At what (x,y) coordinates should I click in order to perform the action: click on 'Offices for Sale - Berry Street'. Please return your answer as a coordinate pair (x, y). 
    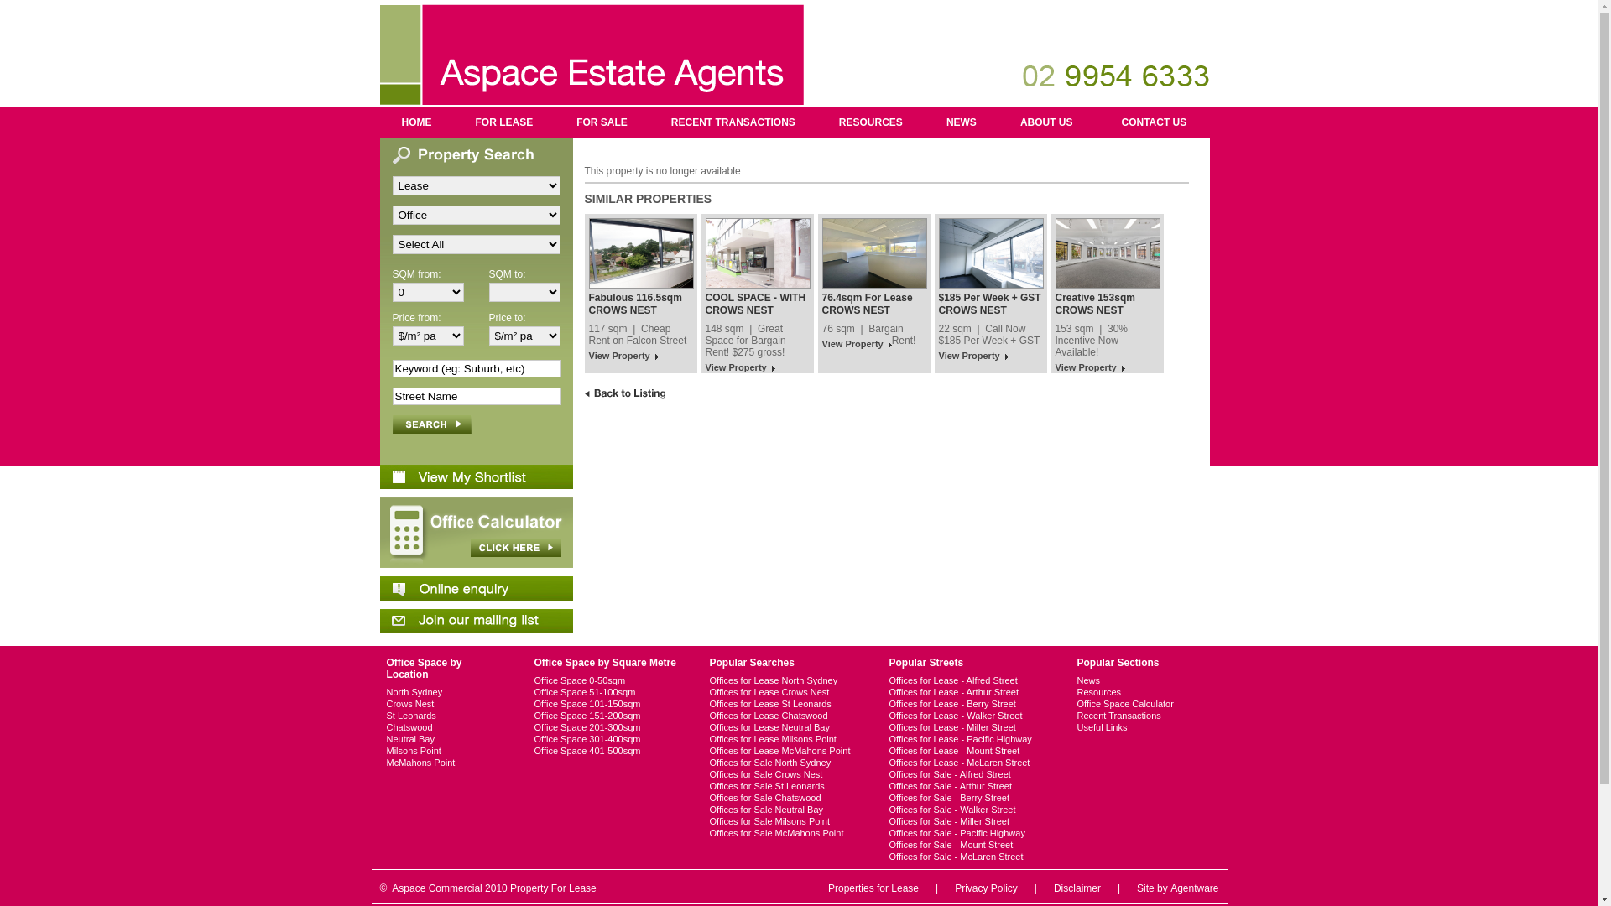
    Looking at the image, I should click on (969, 797).